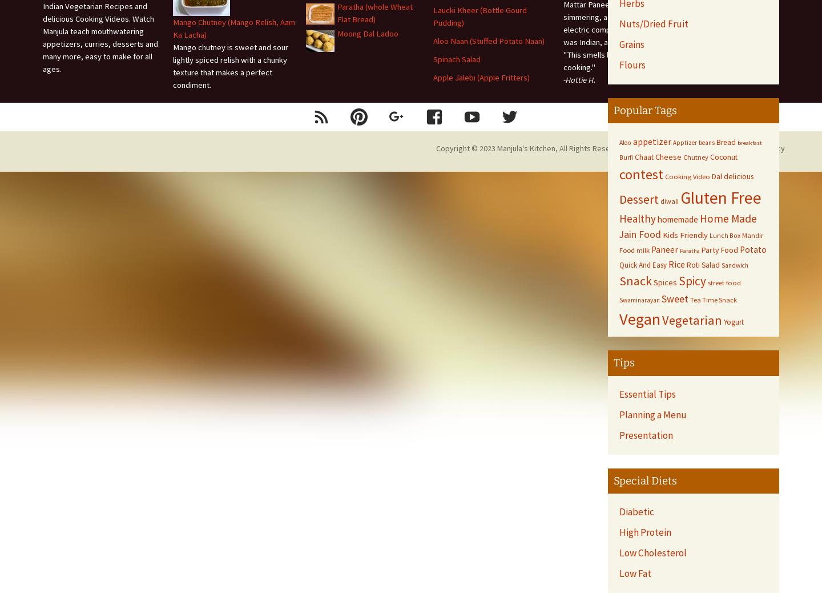 This screenshot has width=822, height=606. Describe the element at coordinates (481, 78) in the screenshot. I see `'Apple Jalebi (Apple Fritters)'` at that location.